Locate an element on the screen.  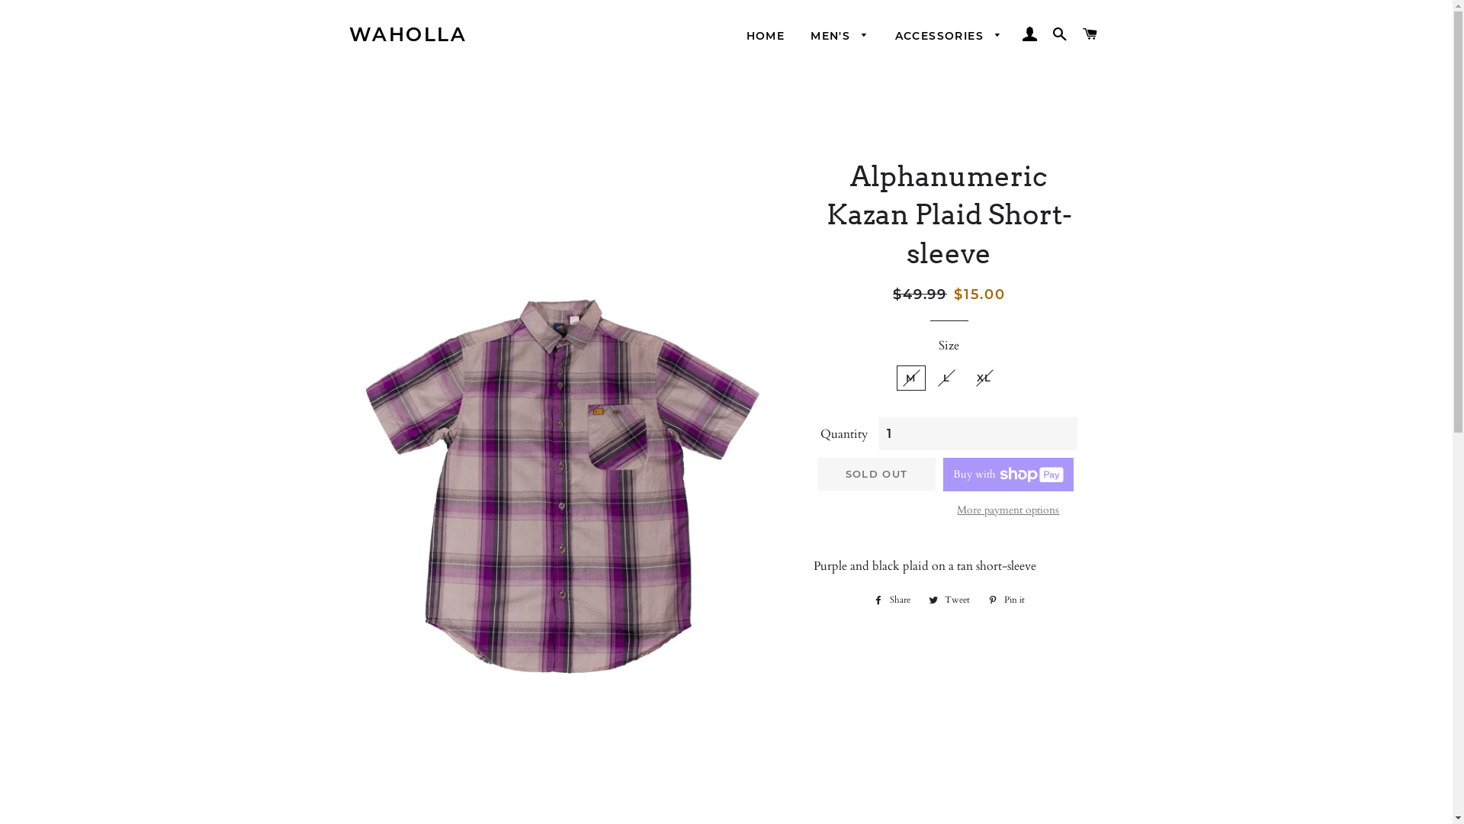
'WAHOLLA' is located at coordinates (408, 34).